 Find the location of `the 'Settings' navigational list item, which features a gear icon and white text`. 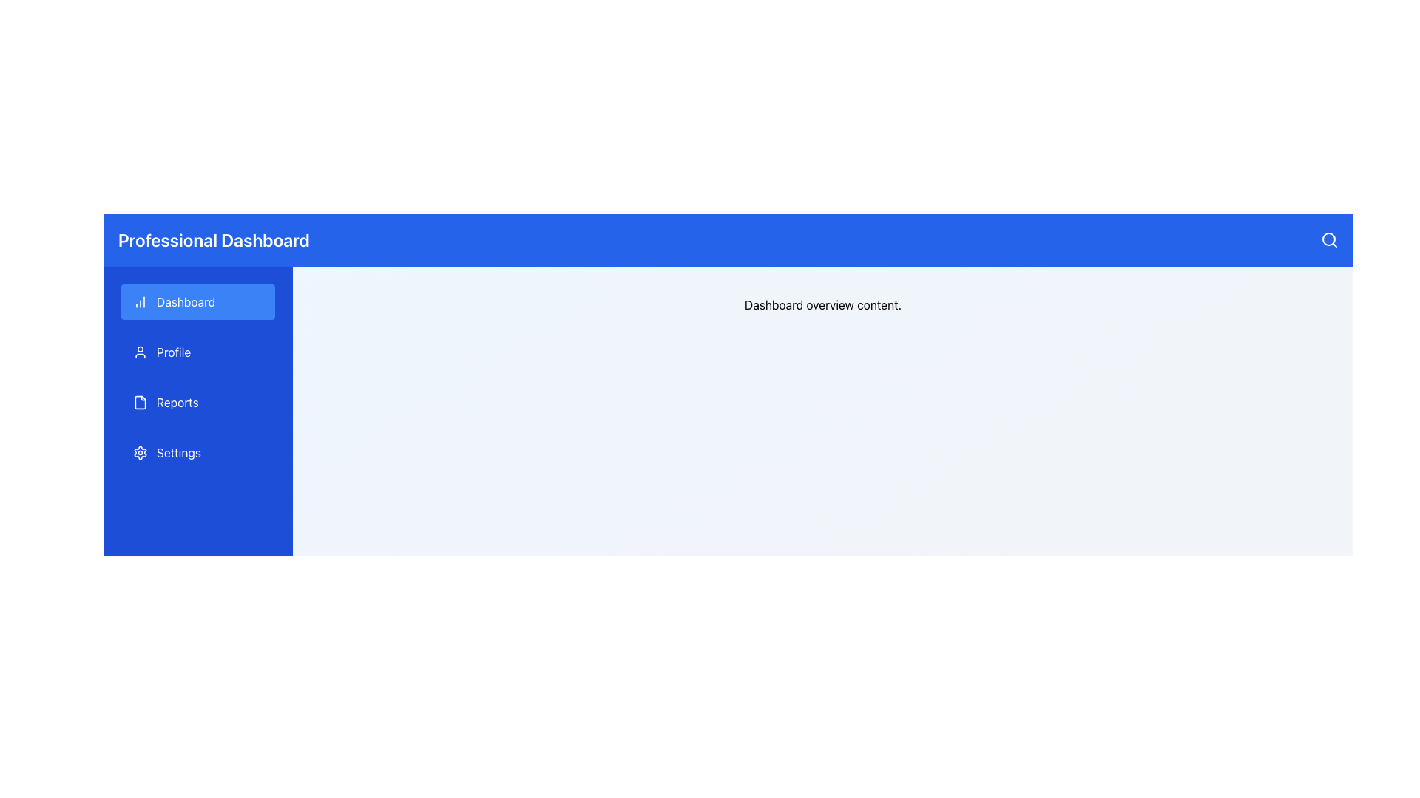

the 'Settings' navigational list item, which features a gear icon and white text is located at coordinates (197, 452).